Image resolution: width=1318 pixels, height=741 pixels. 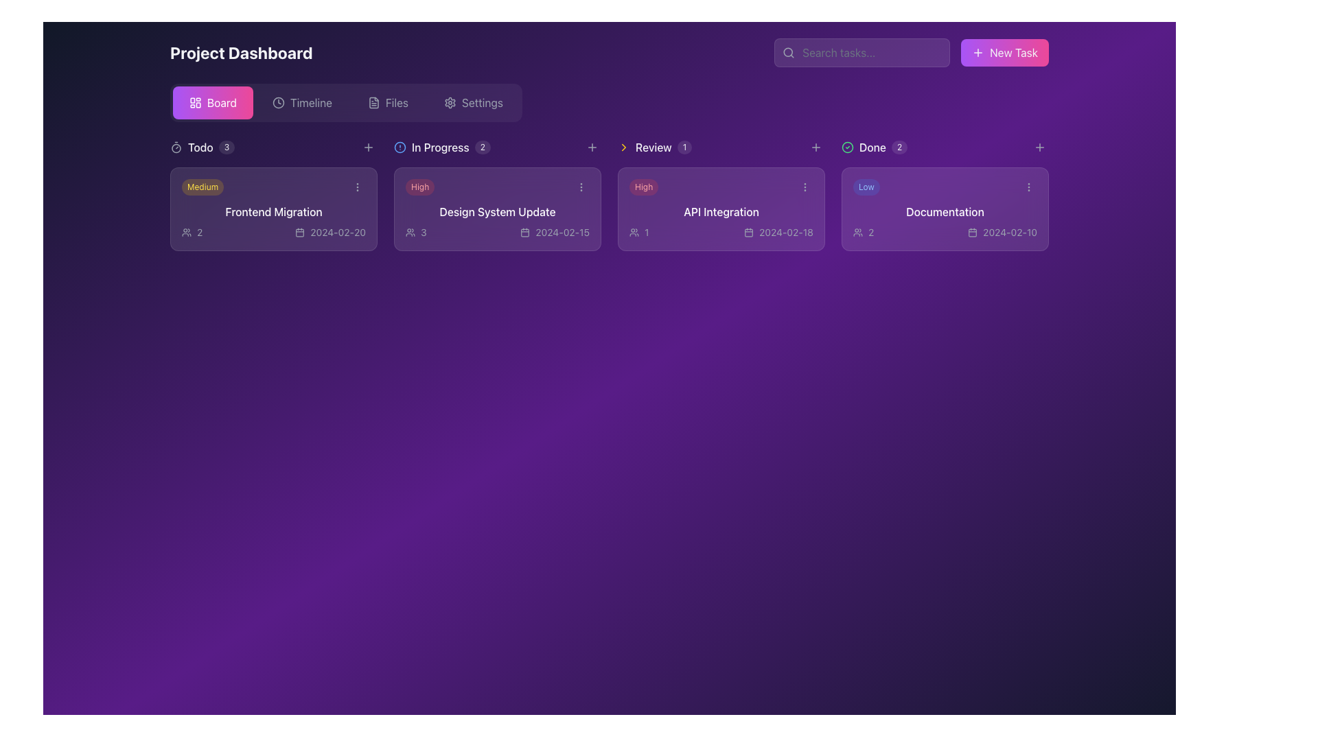 I want to click on the 'Timeline' menu item button in the horizontal navigation menu, so click(x=301, y=102).